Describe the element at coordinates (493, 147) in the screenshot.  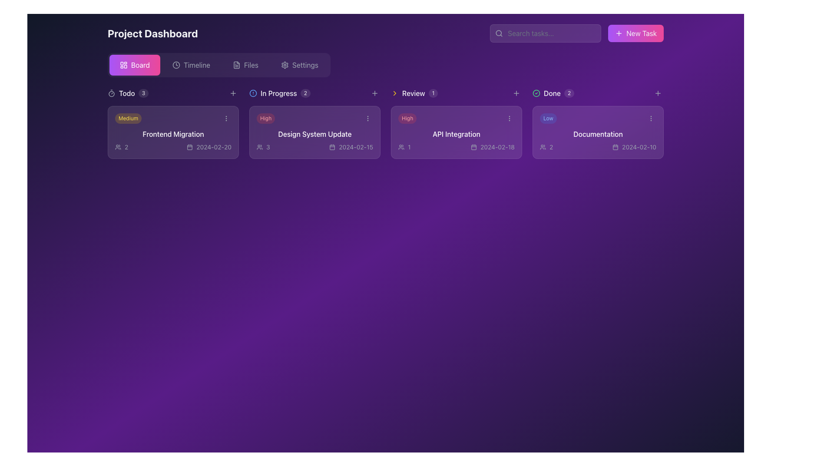
I see `date '2024-02-18' from the timestamp indicator, which consists of a calendar icon and is located in the lower-right section of the 'API Integration' card in the 'Review' column of the dashboard` at that location.